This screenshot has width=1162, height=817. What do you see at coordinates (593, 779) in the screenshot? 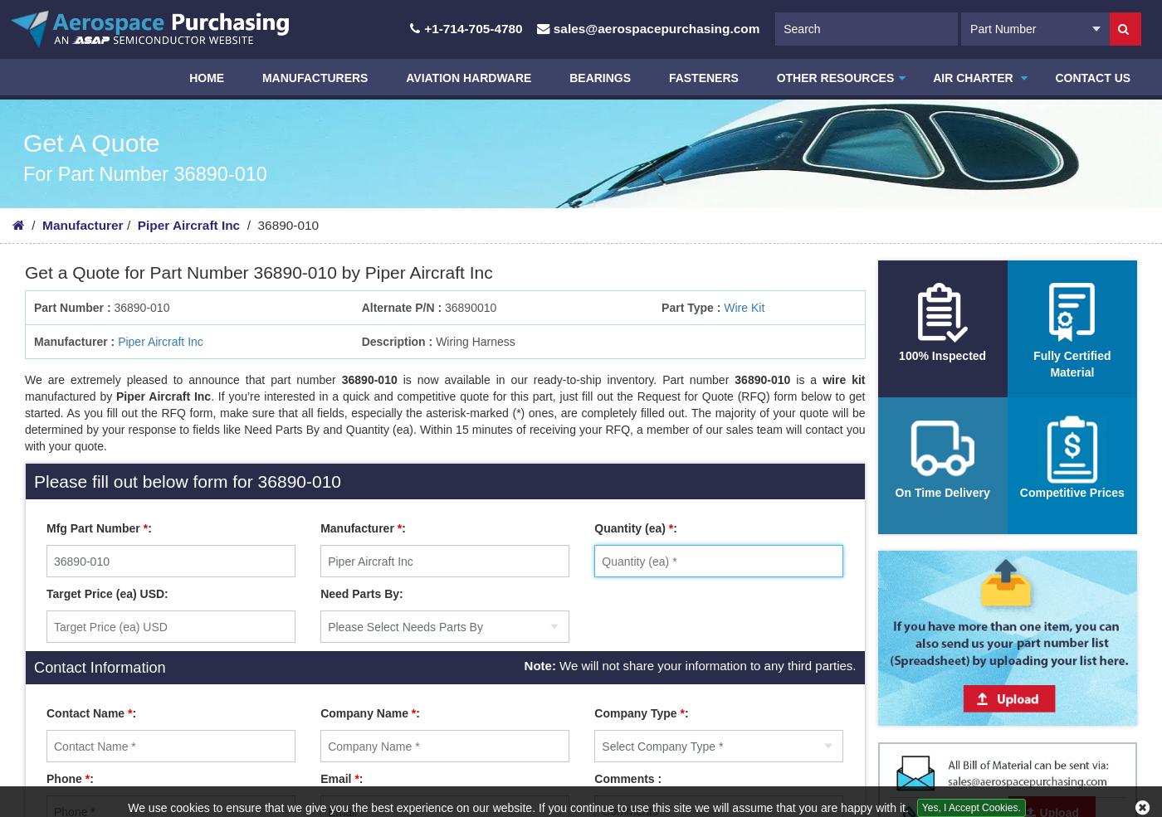
I see `'Comments :'` at bounding box center [593, 779].